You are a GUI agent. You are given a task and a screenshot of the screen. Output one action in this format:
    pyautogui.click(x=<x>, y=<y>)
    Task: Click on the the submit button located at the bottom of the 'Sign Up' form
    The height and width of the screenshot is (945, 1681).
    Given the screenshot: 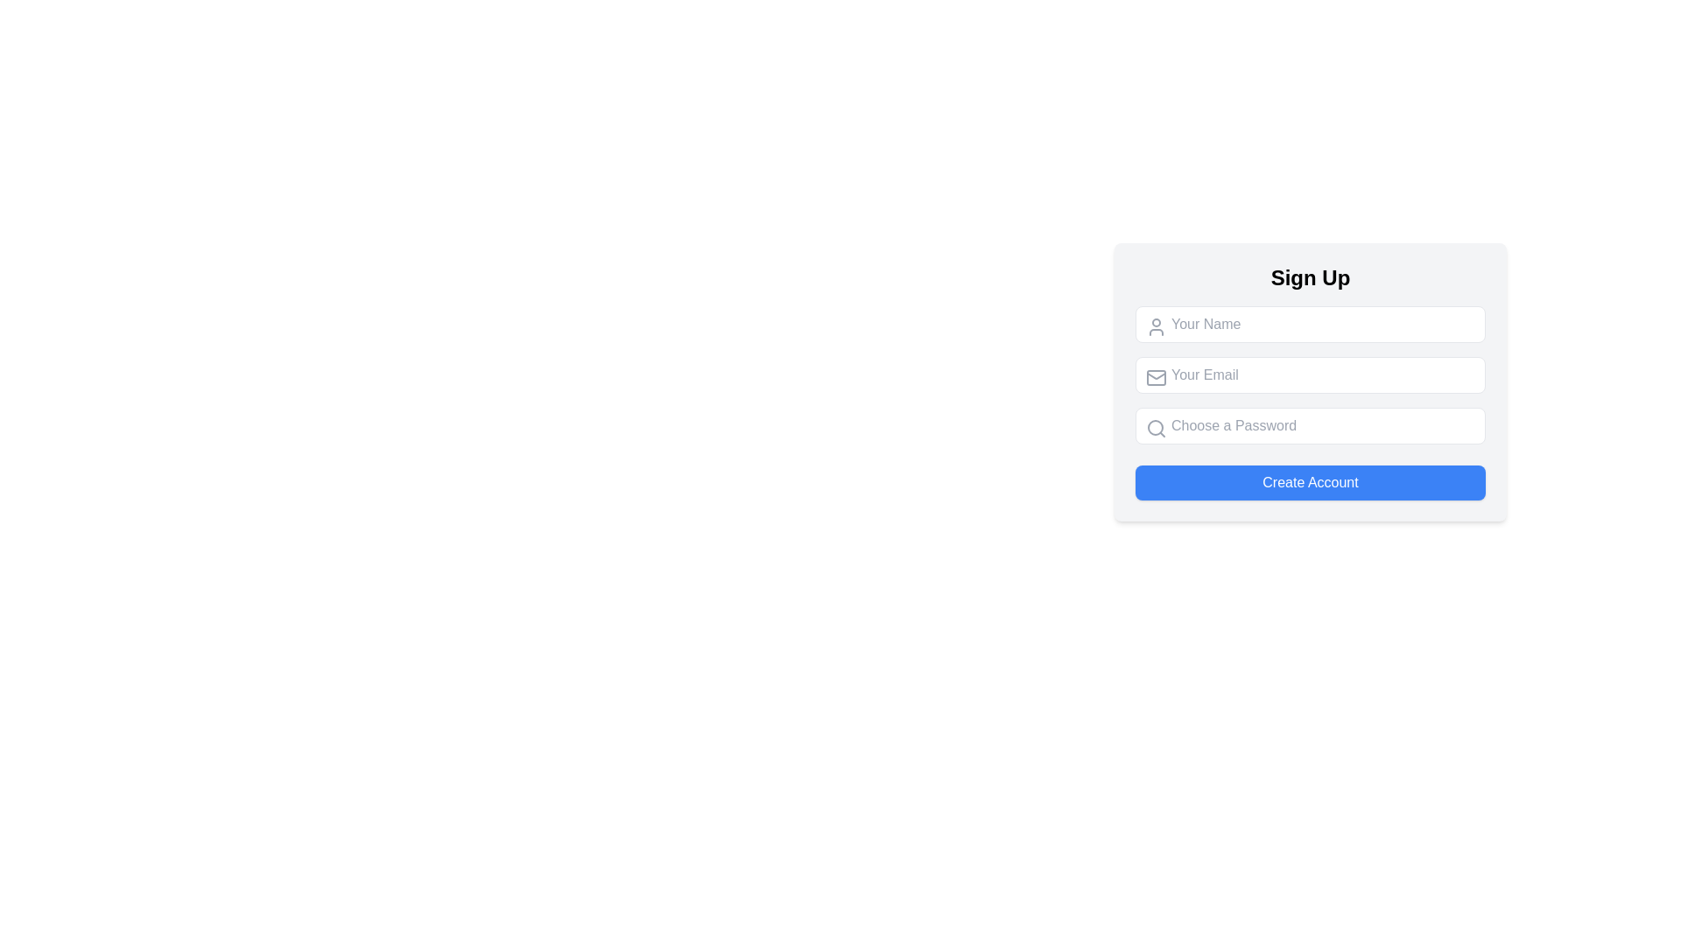 What is the action you would take?
    pyautogui.click(x=1311, y=482)
    